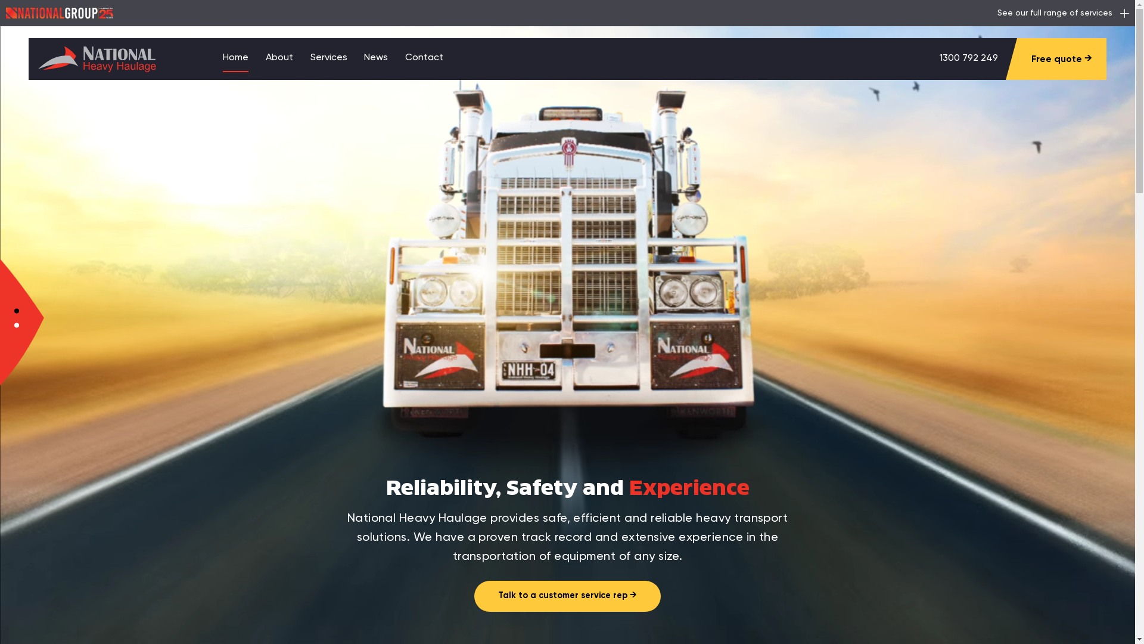  Describe the element at coordinates (424, 58) in the screenshot. I see `'Contact'` at that location.